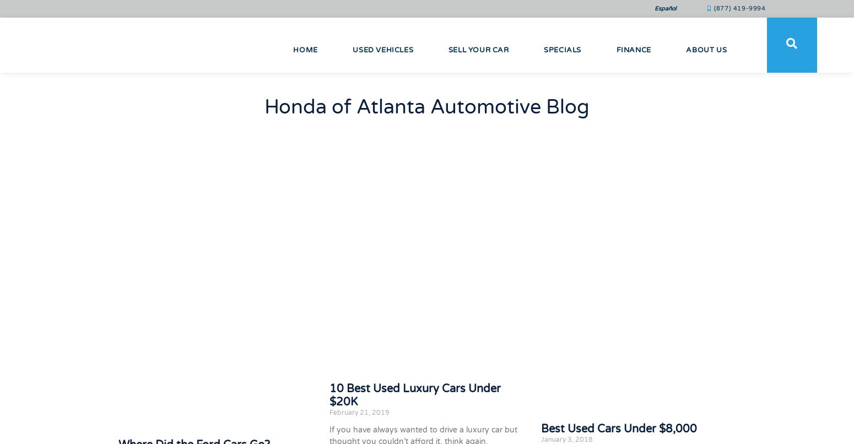  Describe the element at coordinates (655, 8) in the screenshot. I see `'Español'` at that location.